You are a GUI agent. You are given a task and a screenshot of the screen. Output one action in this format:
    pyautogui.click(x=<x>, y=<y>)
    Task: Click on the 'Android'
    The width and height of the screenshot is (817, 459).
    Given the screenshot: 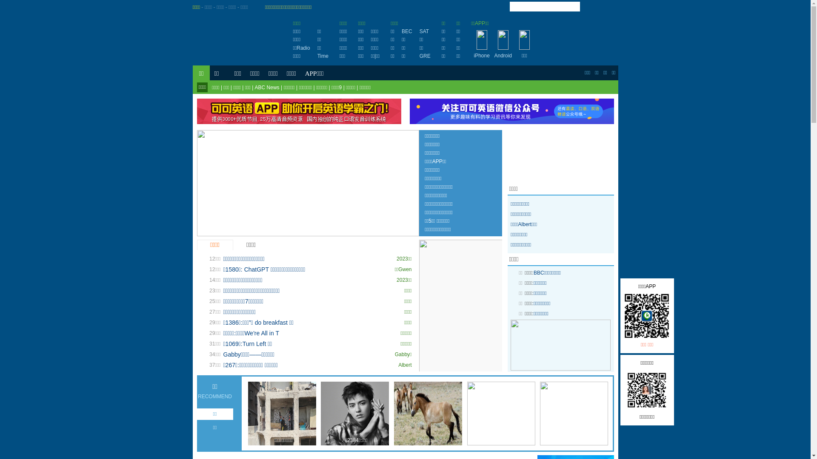 What is the action you would take?
    pyautogui.click(x=503, y=56)
    